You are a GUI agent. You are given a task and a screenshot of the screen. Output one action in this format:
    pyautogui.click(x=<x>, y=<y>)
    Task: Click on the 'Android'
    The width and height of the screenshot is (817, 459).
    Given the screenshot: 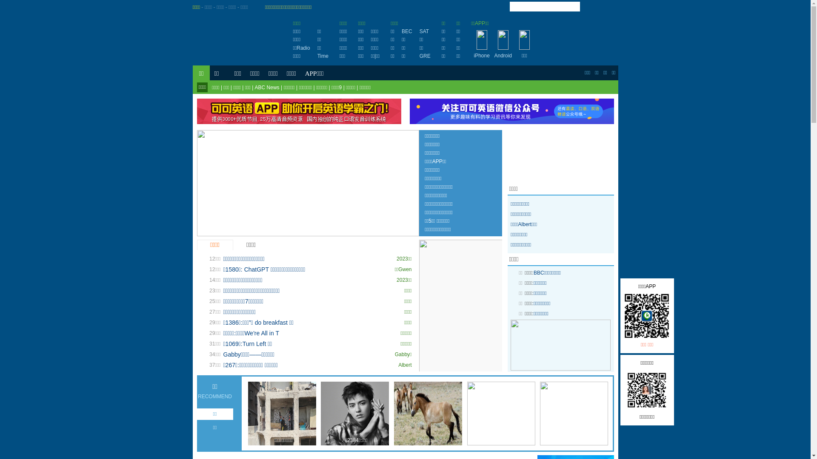 What is the action you would take?
    pyautogui.click(x=503, y=56)
    